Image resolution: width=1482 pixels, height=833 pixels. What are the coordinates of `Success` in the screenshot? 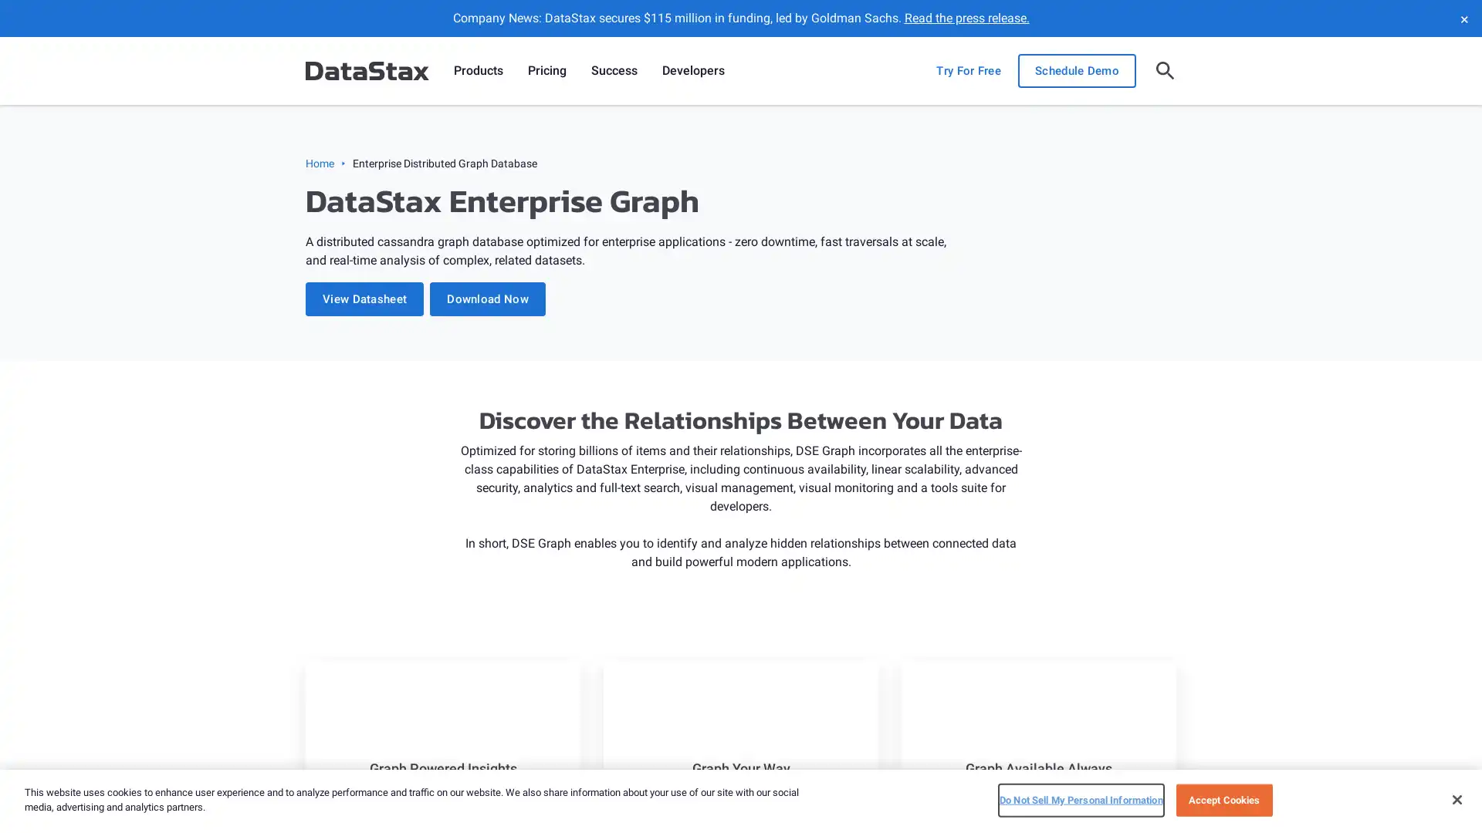 It's located at (614, 71).